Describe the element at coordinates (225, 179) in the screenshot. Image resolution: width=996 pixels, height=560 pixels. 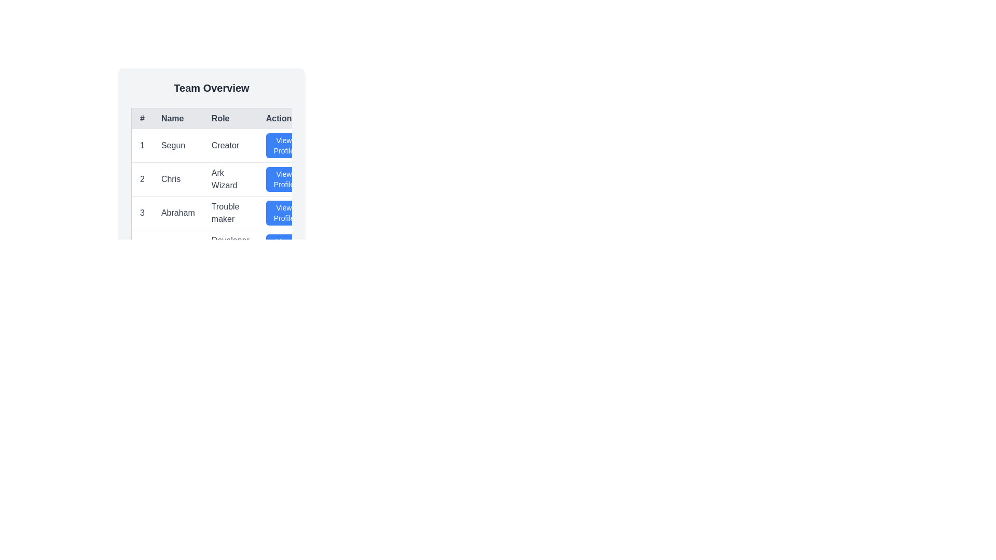
I see `the second row in the data table displaying '2 Chris Ark Wizard' with a 'View Profile' button` at that location.